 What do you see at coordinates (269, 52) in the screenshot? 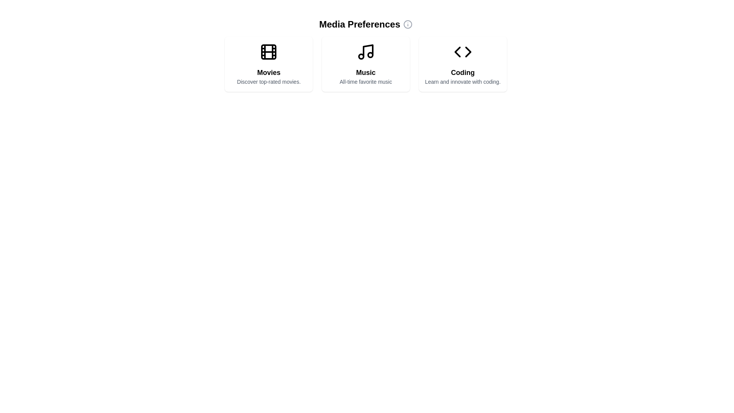
I see `the movie category icon located at the top-center of the white card labeled 'Movies', which is the first of three horizontally arranged items in the 'Media Preferences' section` at bounding box center [269, 52].